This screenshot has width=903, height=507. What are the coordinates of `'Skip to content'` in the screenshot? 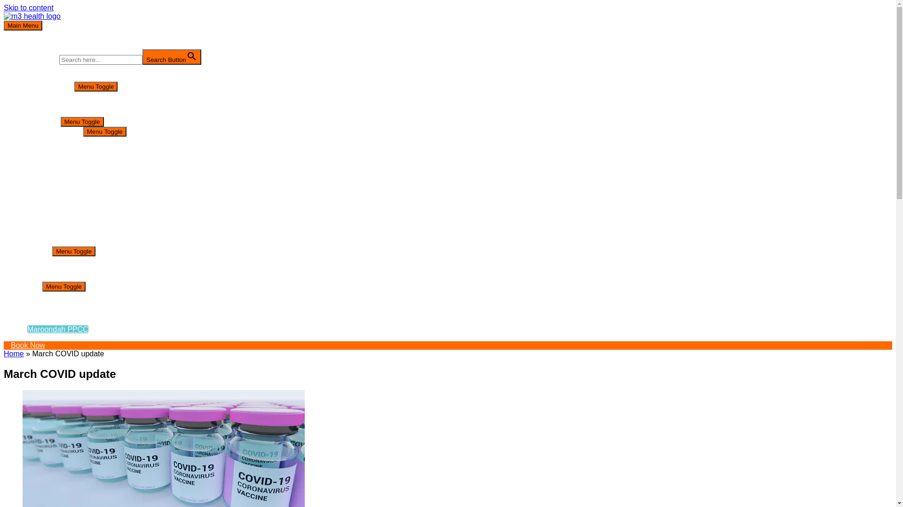 It's located at (29, 8).